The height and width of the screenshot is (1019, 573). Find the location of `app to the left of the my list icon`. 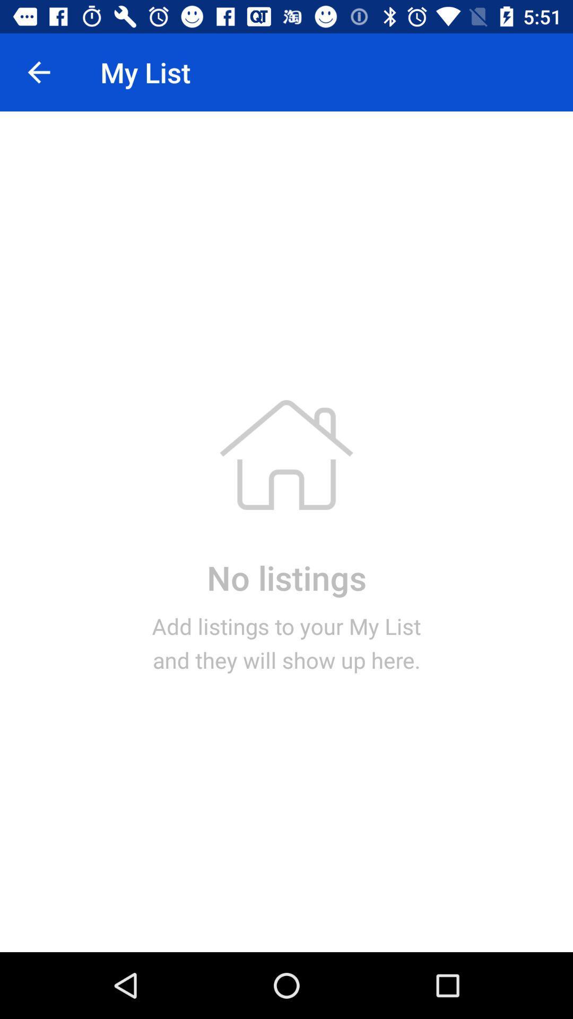

app to the left of the my list icon is located at coordinates (38, 72).